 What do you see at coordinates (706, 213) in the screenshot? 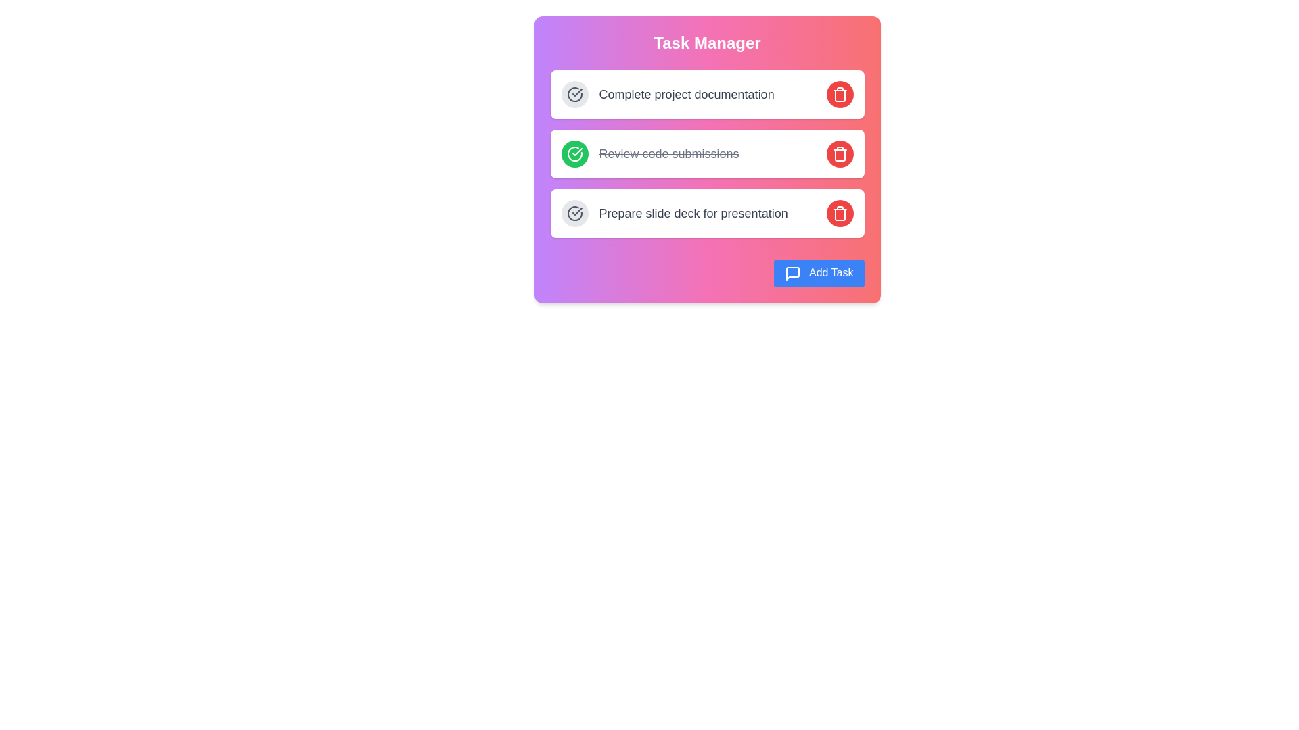
I see `the third task item labeled 'Prepare slide deck for presentation' in the task manager panel` at bounding box center [706, 213].